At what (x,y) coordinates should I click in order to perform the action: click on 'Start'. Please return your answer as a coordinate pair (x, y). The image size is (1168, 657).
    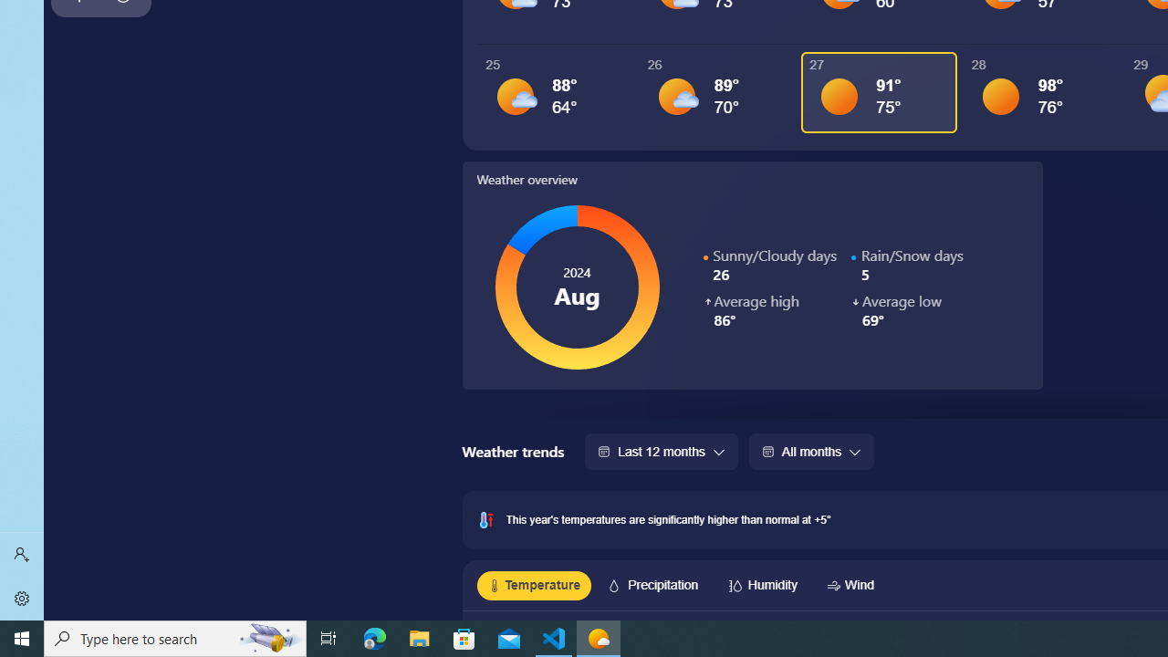
    Looking at the image, I should click on (22, 637).